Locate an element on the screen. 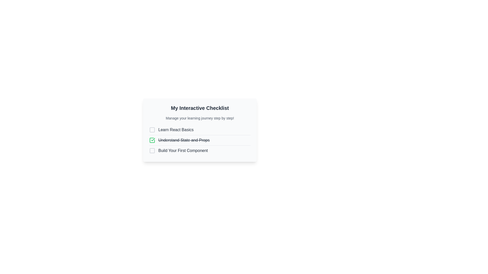 This screenshot has width=488, height=274. the visual indicator icon for the checklist item 'Learn React Basics' located in the 'My Interactive Checklist' block, positioned to the left of the item text is located at coordinates (152, 130).